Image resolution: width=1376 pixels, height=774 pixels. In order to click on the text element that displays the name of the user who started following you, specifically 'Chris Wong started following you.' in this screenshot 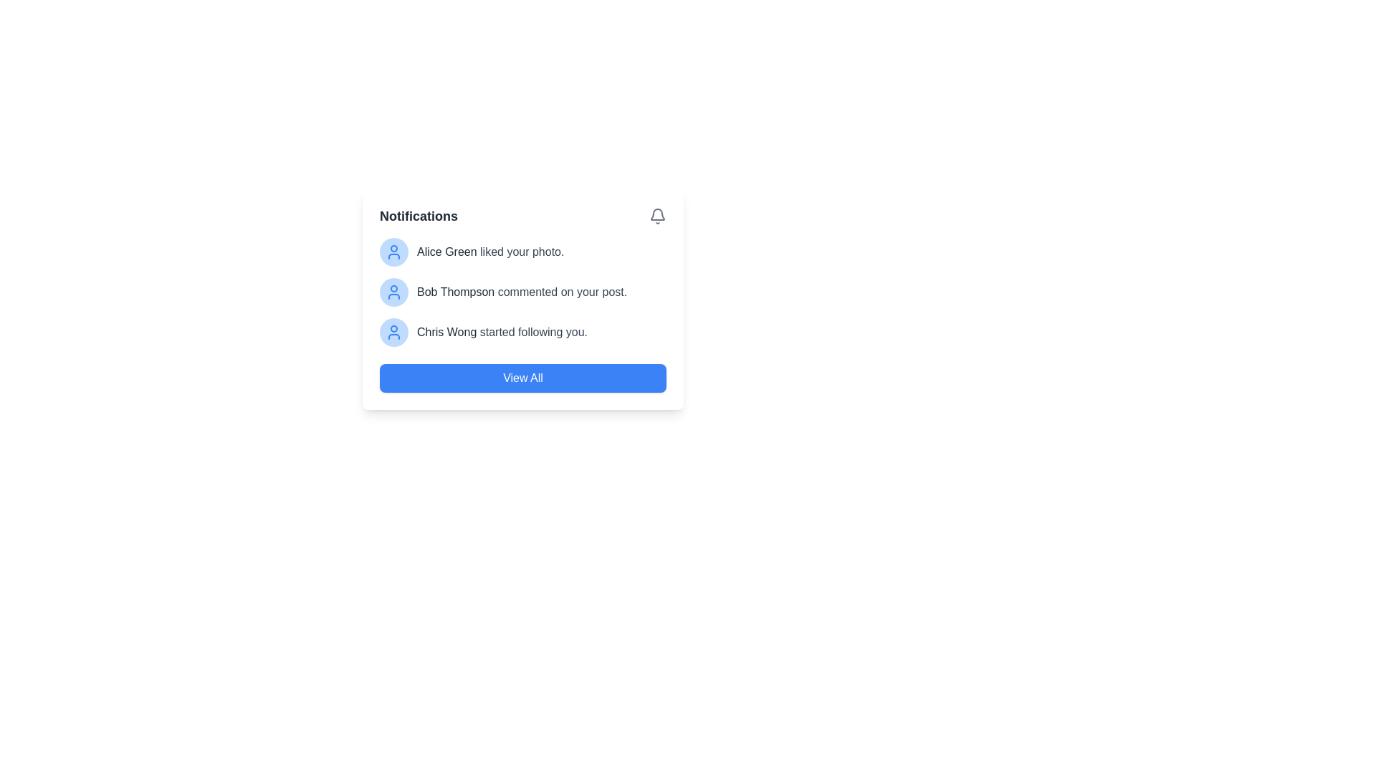, I will do `click(446, 332)`.